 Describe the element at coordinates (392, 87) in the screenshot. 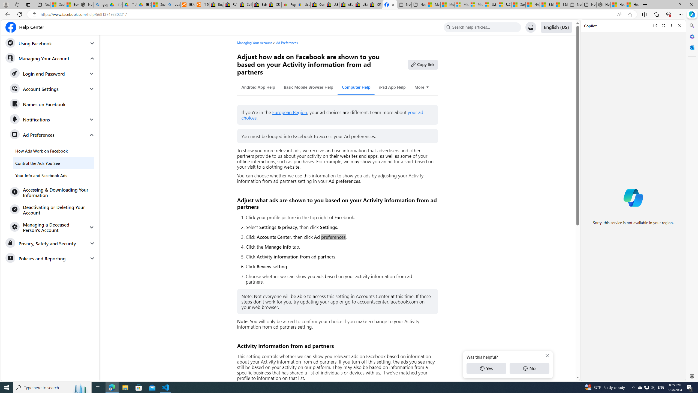

I see `'iPad App Help'` at that location.